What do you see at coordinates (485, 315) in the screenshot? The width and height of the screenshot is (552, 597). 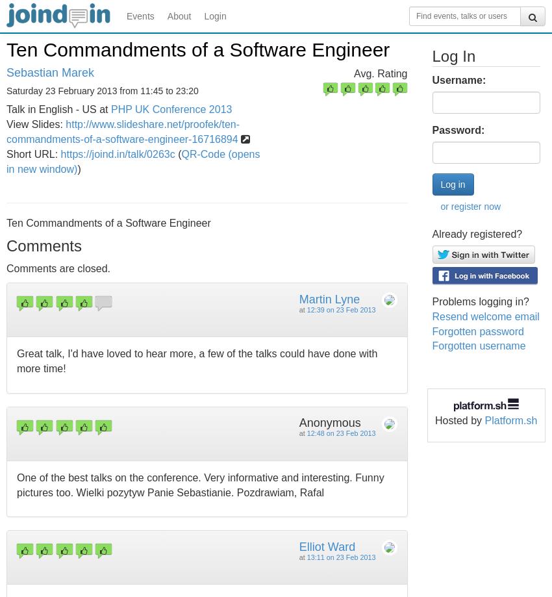 I see `'Resend welcome email'` at bounding box center [485, 315].